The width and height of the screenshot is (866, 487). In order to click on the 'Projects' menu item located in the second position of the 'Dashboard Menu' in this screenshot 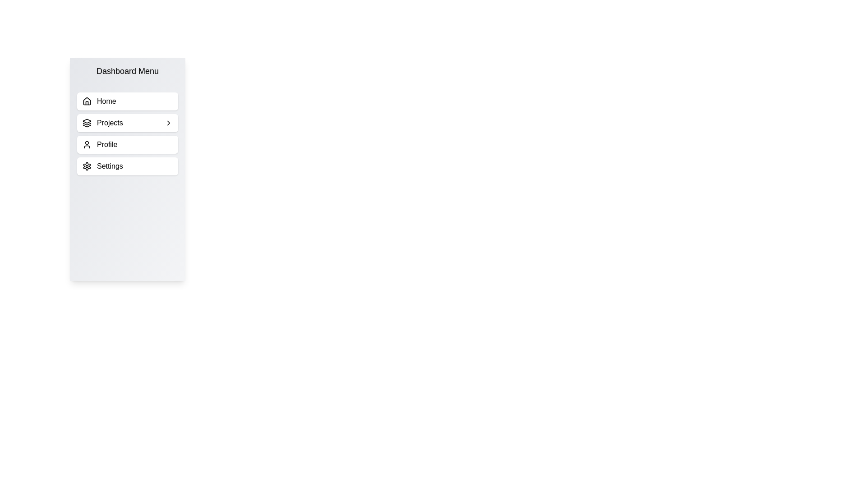, I will do `click(127, 123)`.